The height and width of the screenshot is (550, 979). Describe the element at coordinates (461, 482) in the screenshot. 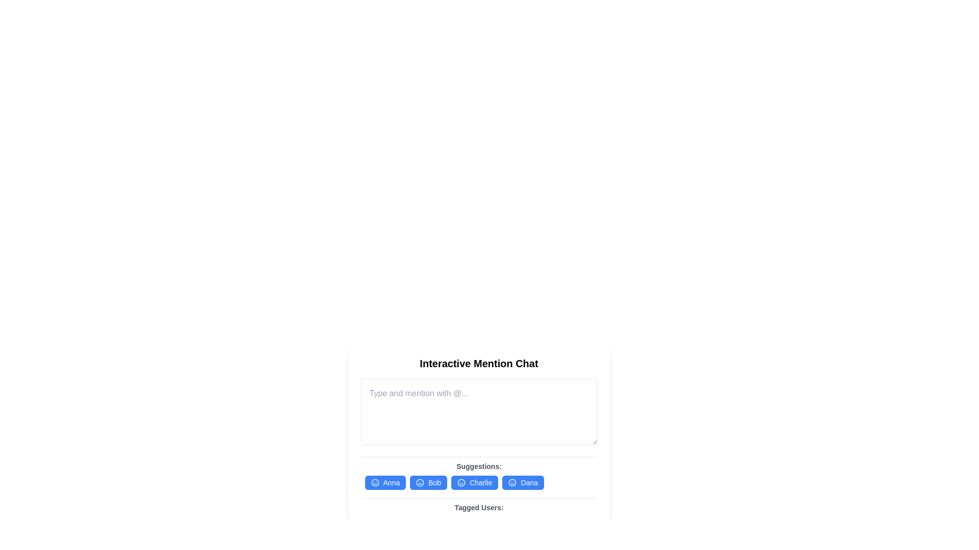

I see `the circular smiley face icon located within the button labeled 'Charlie' in the 'Suggestions' section under the input field` at that location.